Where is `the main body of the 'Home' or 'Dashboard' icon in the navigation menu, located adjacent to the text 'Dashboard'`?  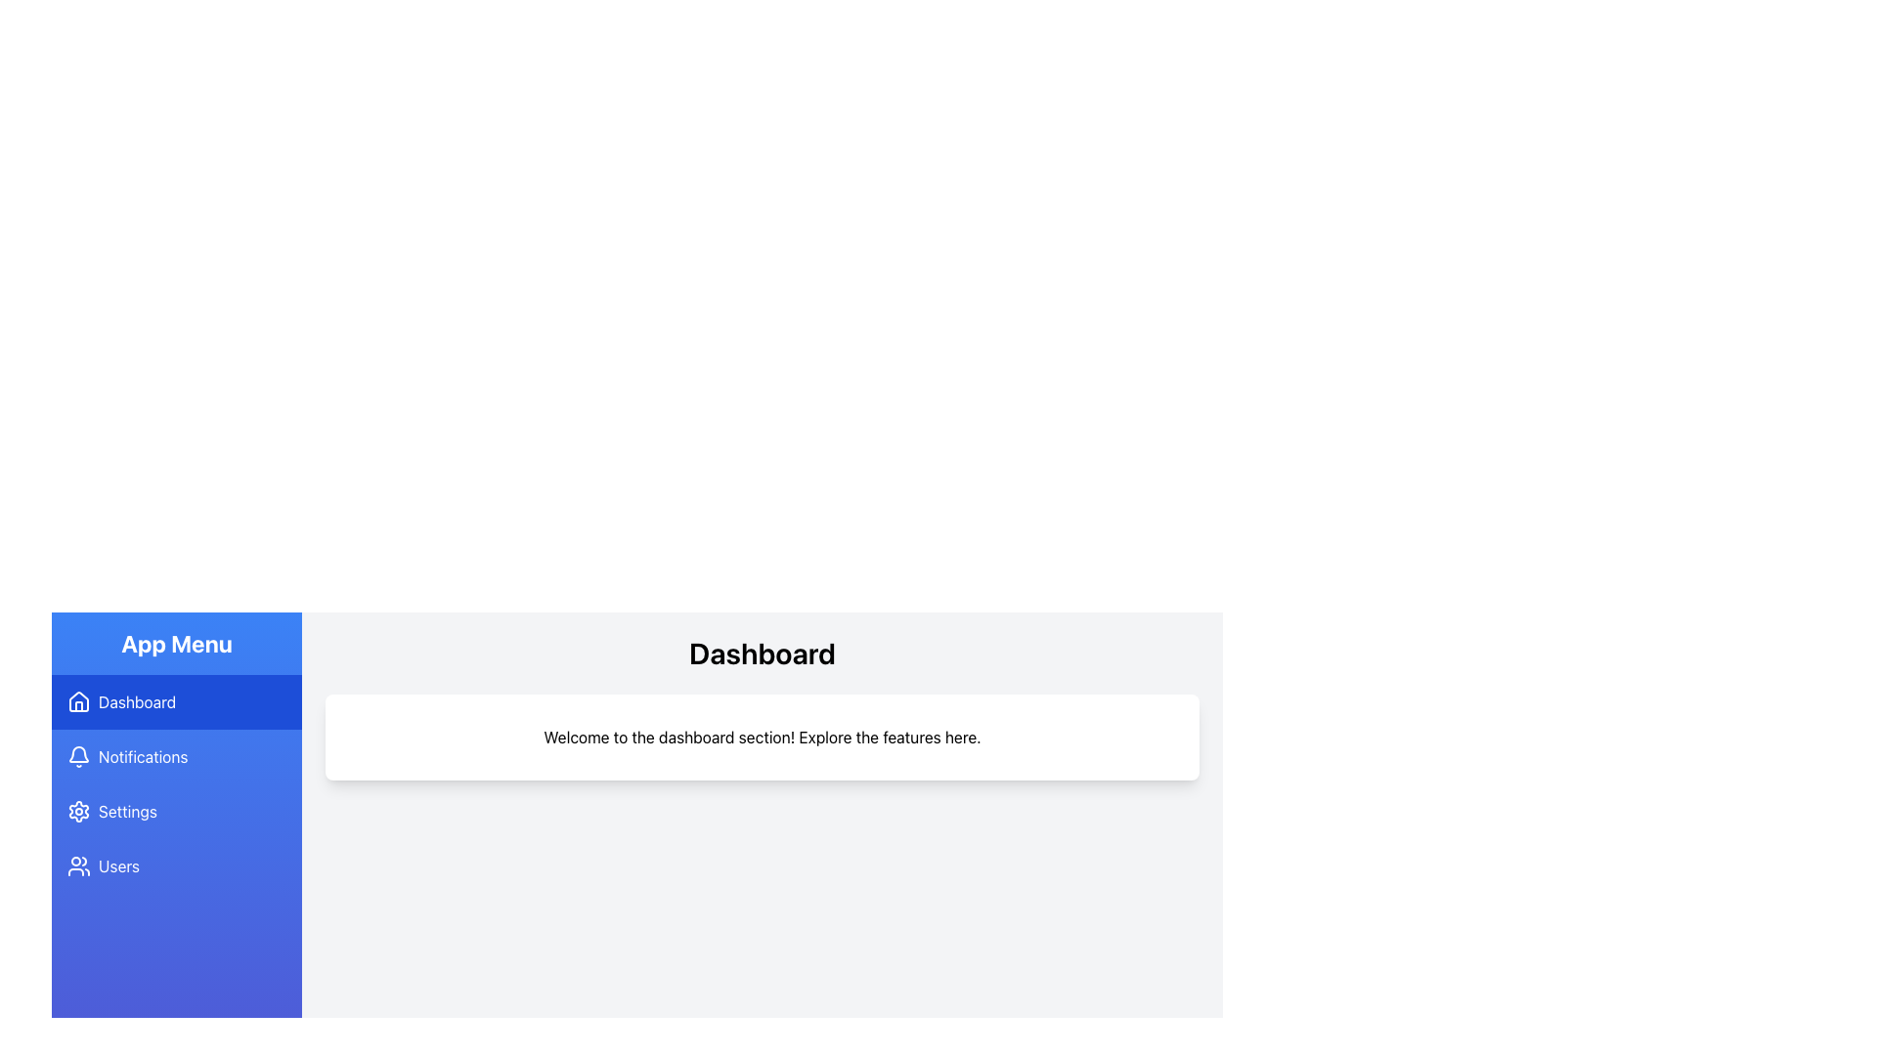
the main body of the 'Home' or 'Dashboard' icon in the navigation menu, located adjacent to the text 'Dashboard' is located at coordinates (78, 699).